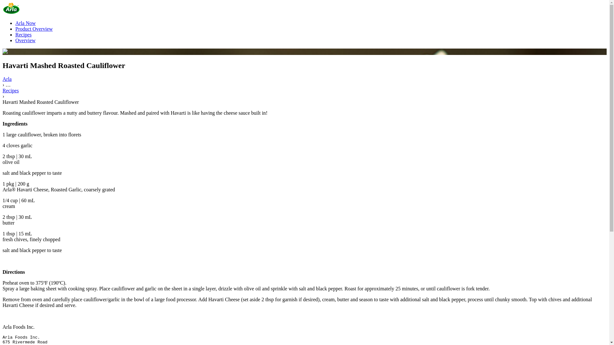 The width and height of the screenshot is (614, 345). What do you see at coordinates (11, 90) in the screenshot?
I see `'Recipes'` at bounding box center [11, 90].